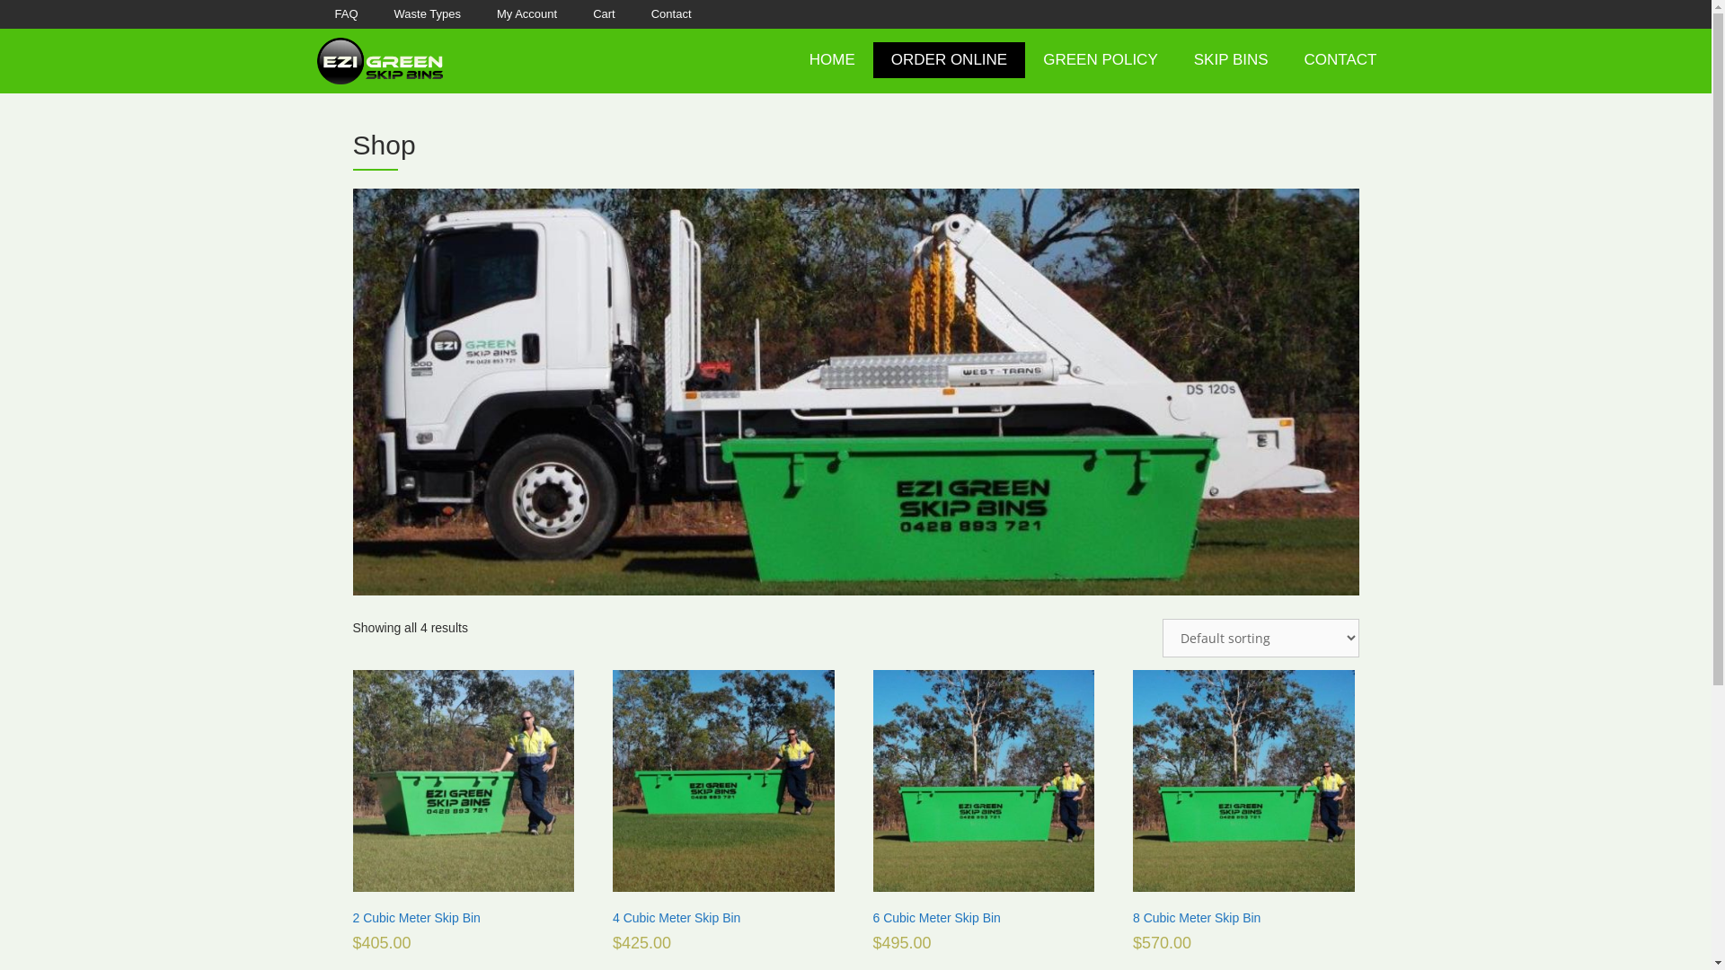 The image size is (1725, 970). What do you see at coordinates (526, 13) in the screenshot?
I see `'My Account'` at bounding box center [526, 13].